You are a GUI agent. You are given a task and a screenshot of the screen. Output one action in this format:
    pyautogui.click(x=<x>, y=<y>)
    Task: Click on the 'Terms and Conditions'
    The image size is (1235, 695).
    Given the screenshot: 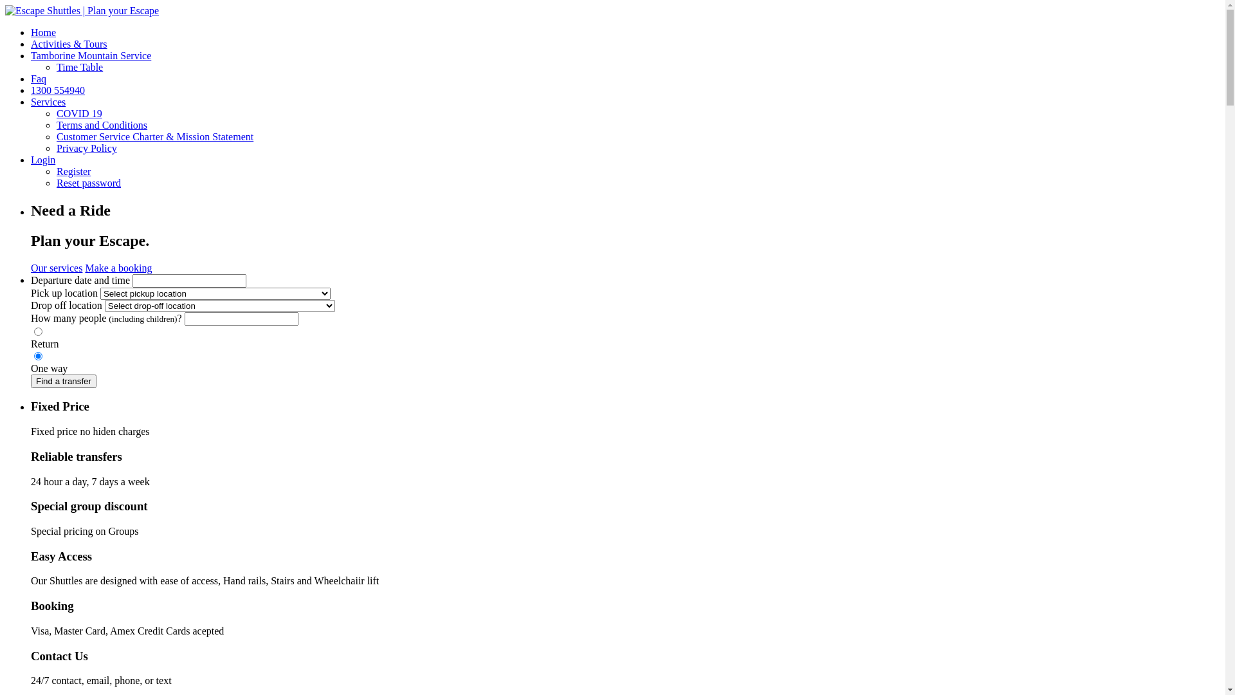 What is the action you would take?
    pyautogui.click(x=101, y=125)
    